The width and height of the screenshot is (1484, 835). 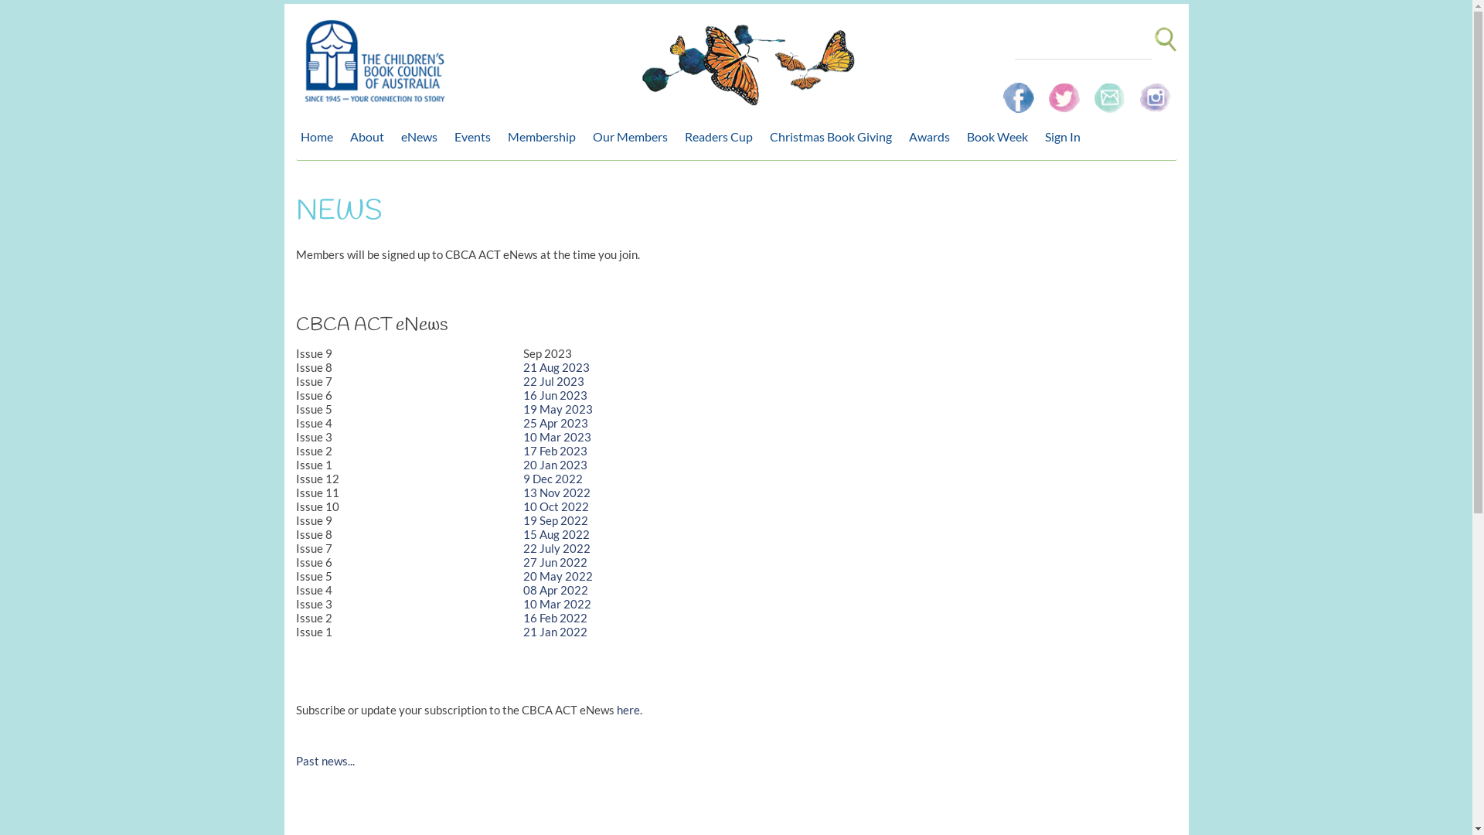 What do you see at coordinates (834, 136) in the screenshot?
I see `'Christmas Book Giving'` at bounding box center [834, 136].